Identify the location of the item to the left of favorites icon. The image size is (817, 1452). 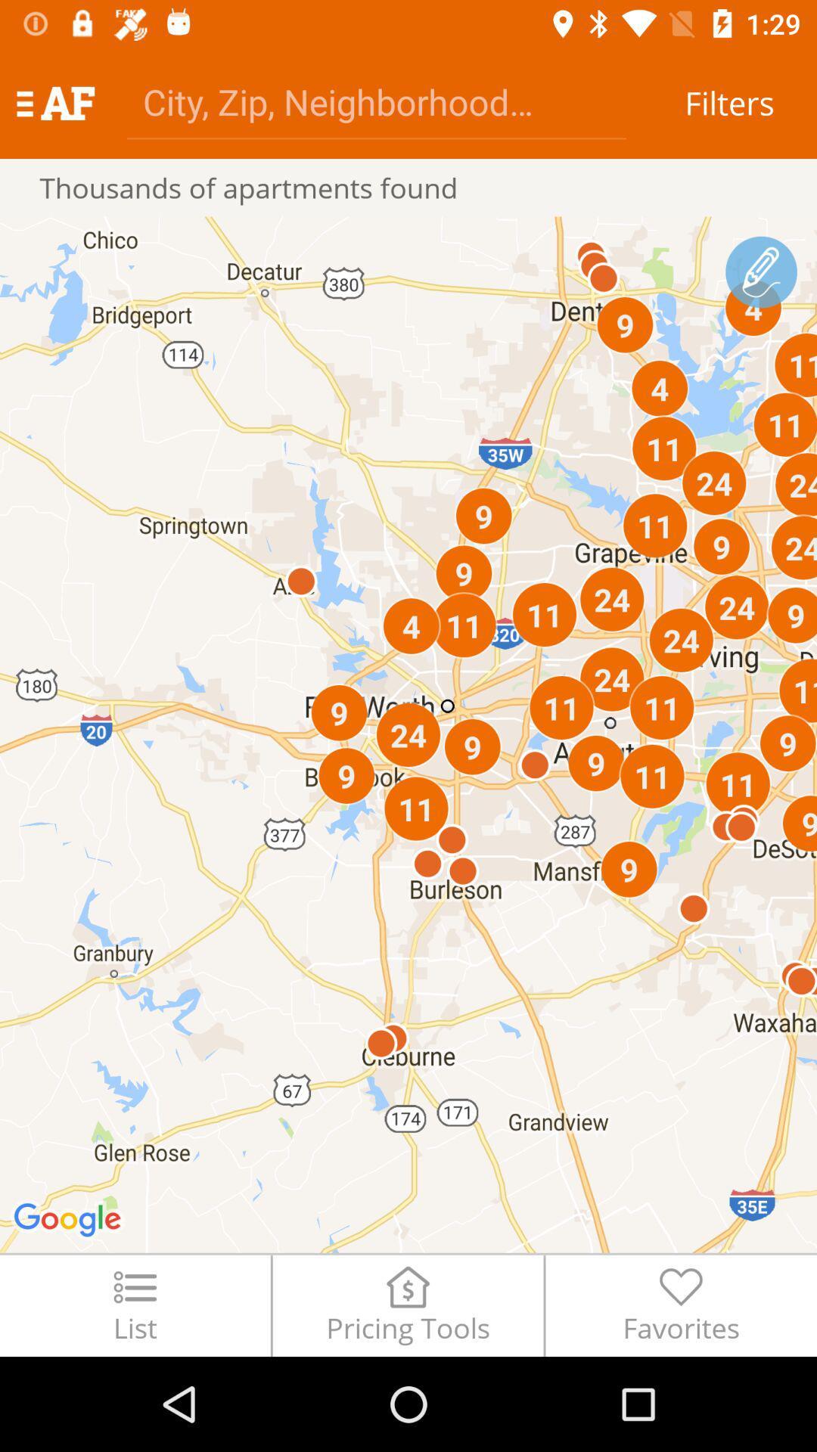
(407, 1305).